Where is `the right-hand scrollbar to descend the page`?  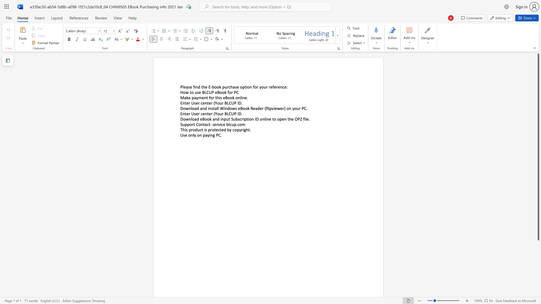 the right-hand scrollbar to descend the page is located at coordinates (538, 259).